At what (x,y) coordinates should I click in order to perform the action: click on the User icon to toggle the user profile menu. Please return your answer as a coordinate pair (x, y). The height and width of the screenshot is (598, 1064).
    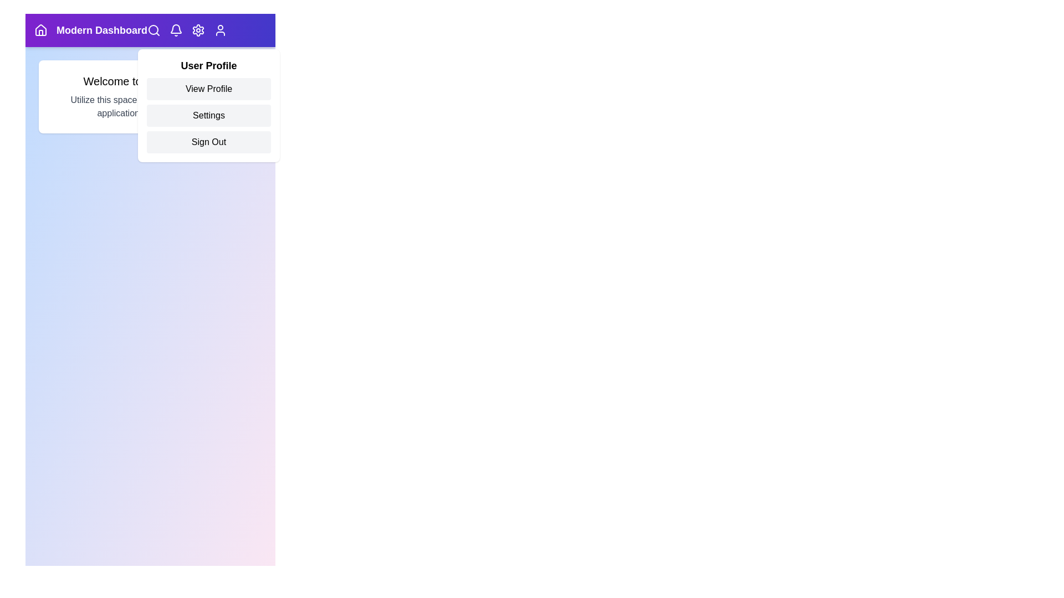
    Looking at the image, I should click on (221, 29).